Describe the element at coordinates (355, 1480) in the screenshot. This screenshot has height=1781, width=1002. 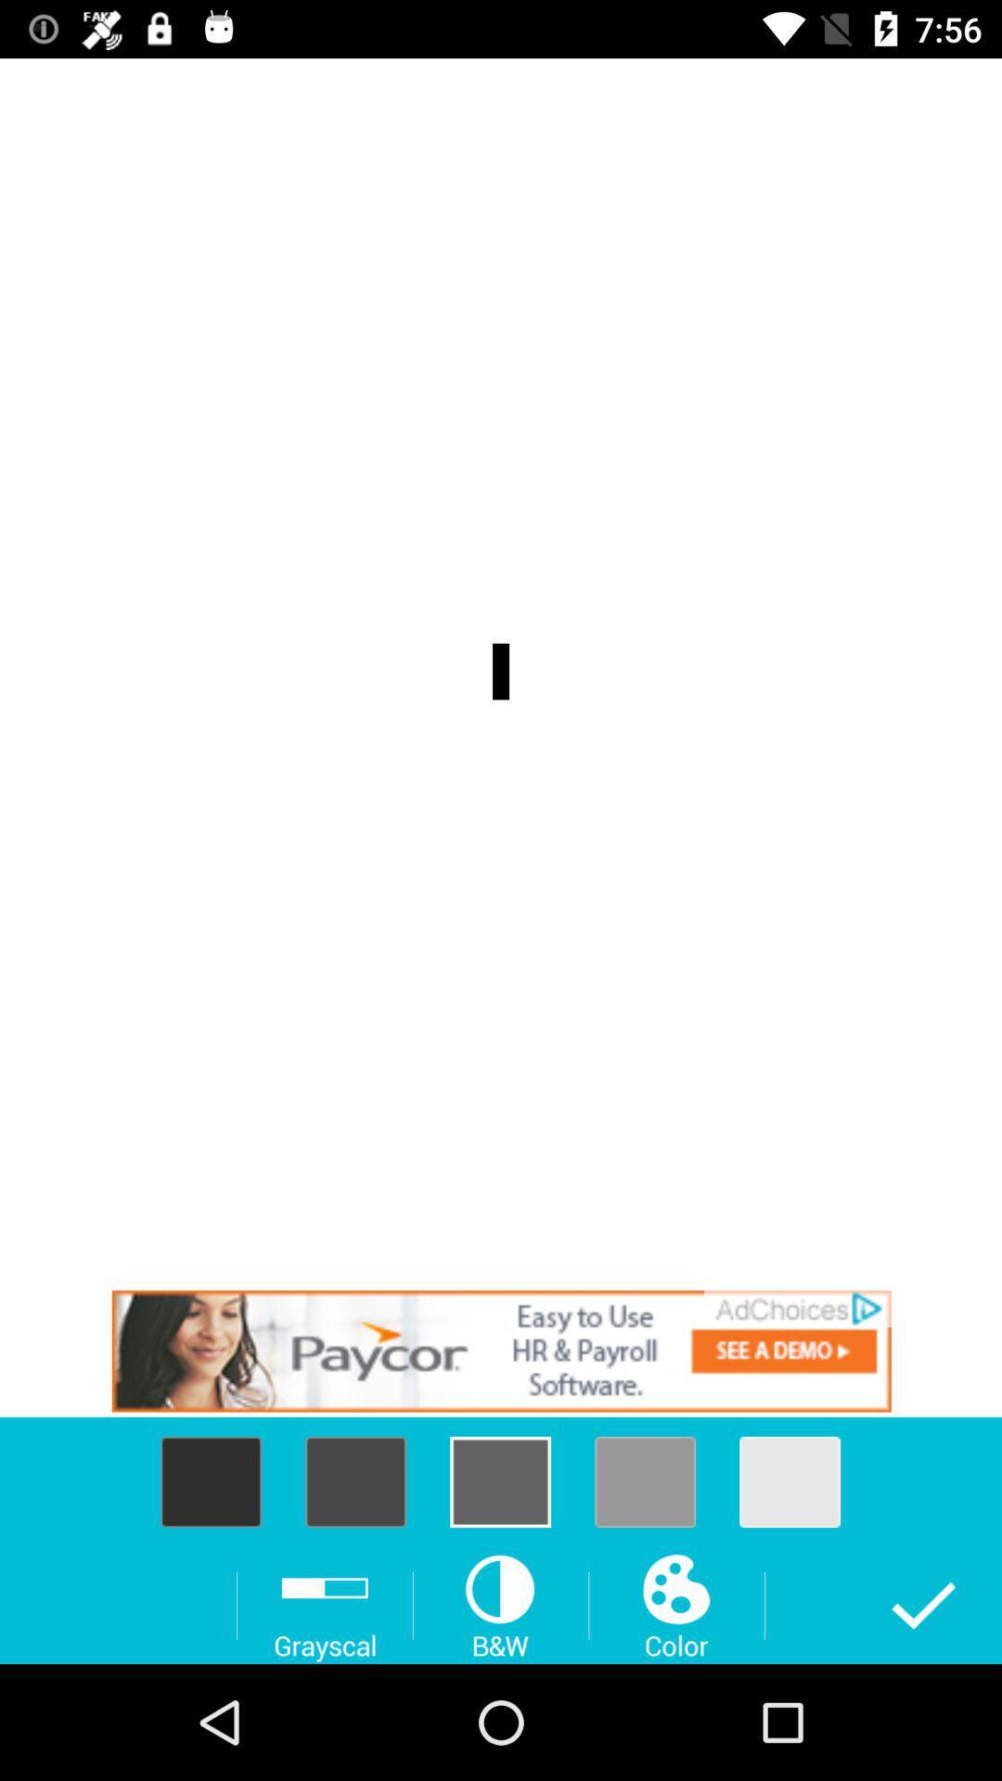
I see `the location icon` at that location.